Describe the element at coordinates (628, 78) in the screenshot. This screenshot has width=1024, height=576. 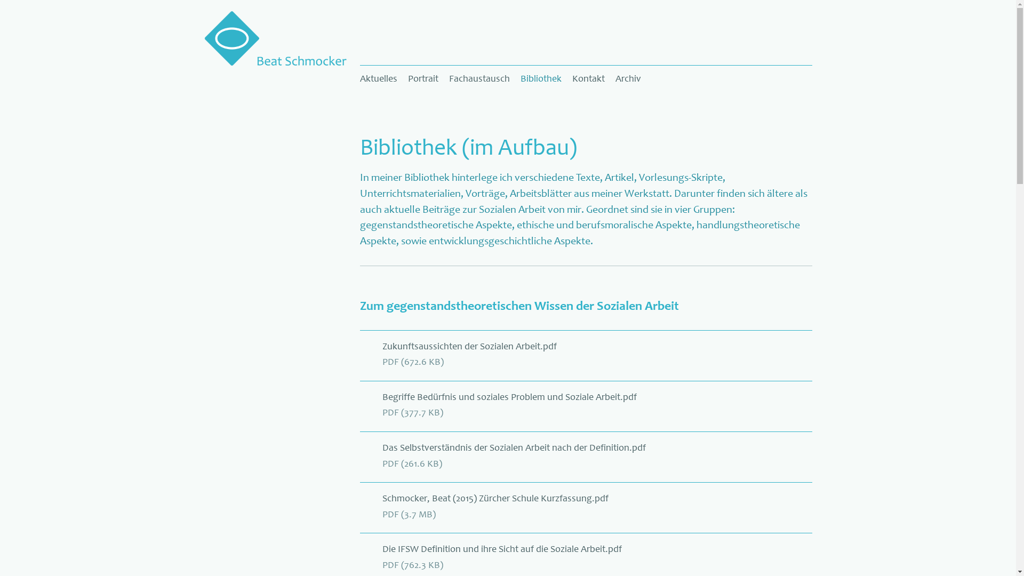
I see `'Archiv'` at that location.